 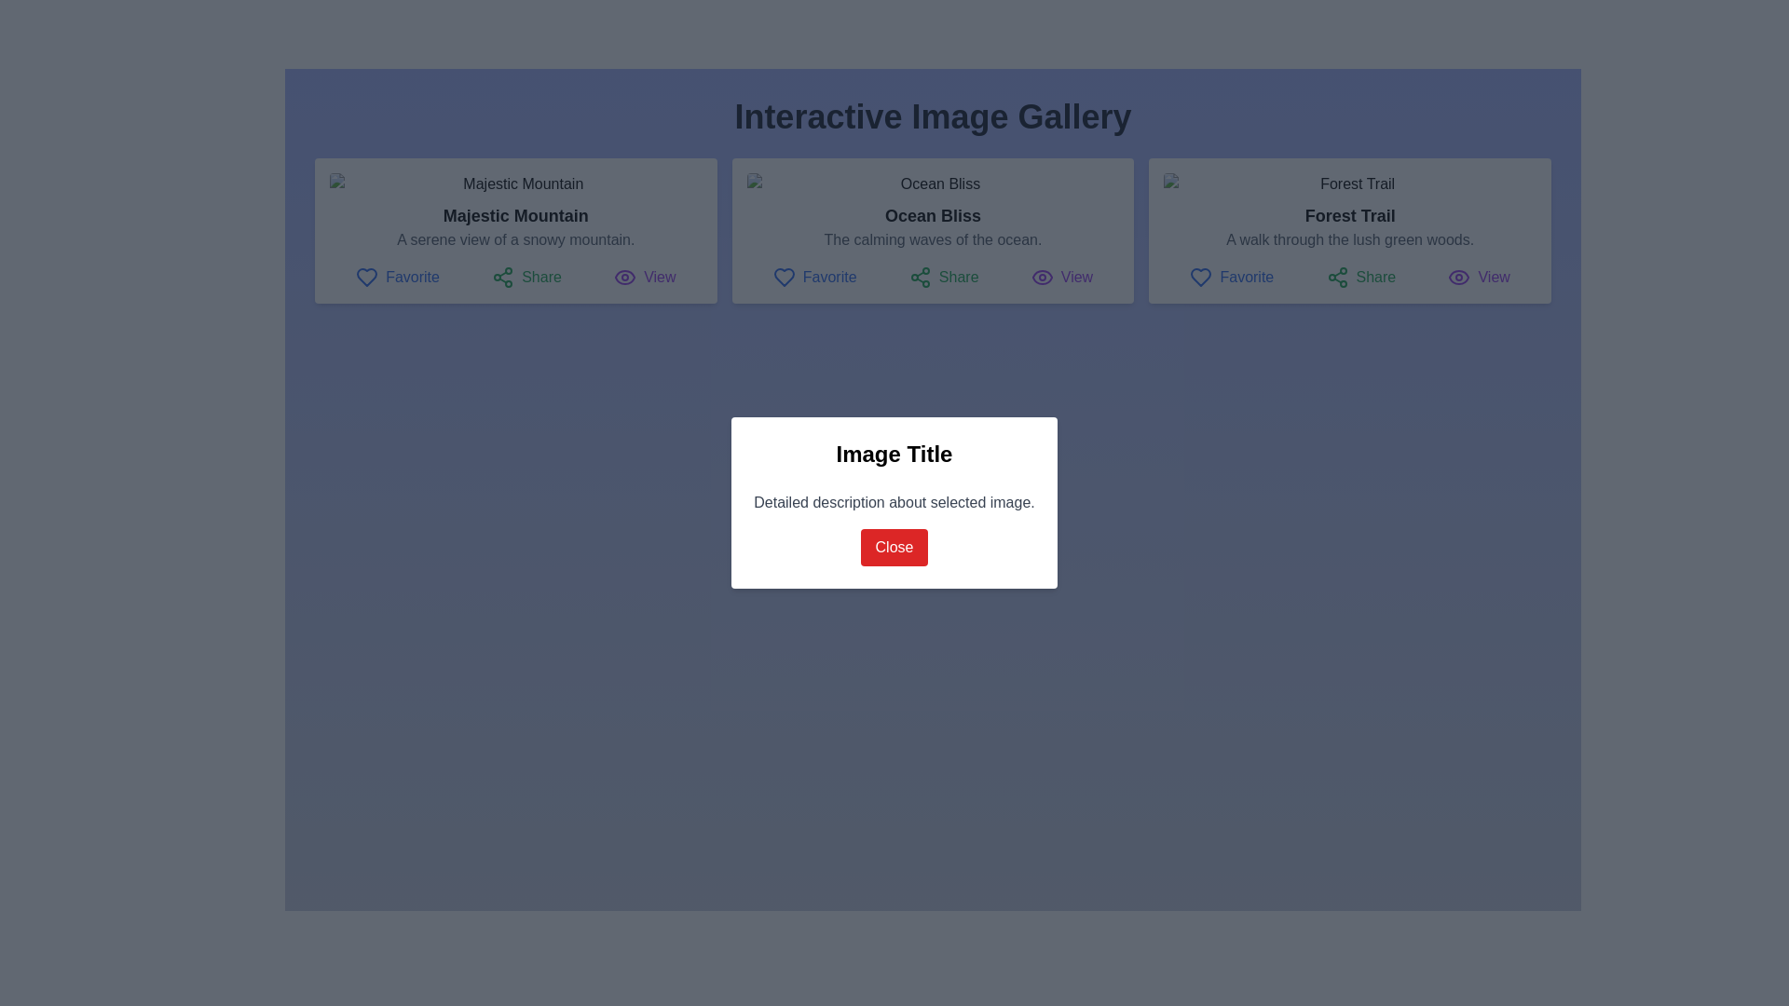 I want to click on the eye icon representing the 'view' action located in the button group labeled 'View' for 'Ocean Bliss', so click(x=1041, y=277).